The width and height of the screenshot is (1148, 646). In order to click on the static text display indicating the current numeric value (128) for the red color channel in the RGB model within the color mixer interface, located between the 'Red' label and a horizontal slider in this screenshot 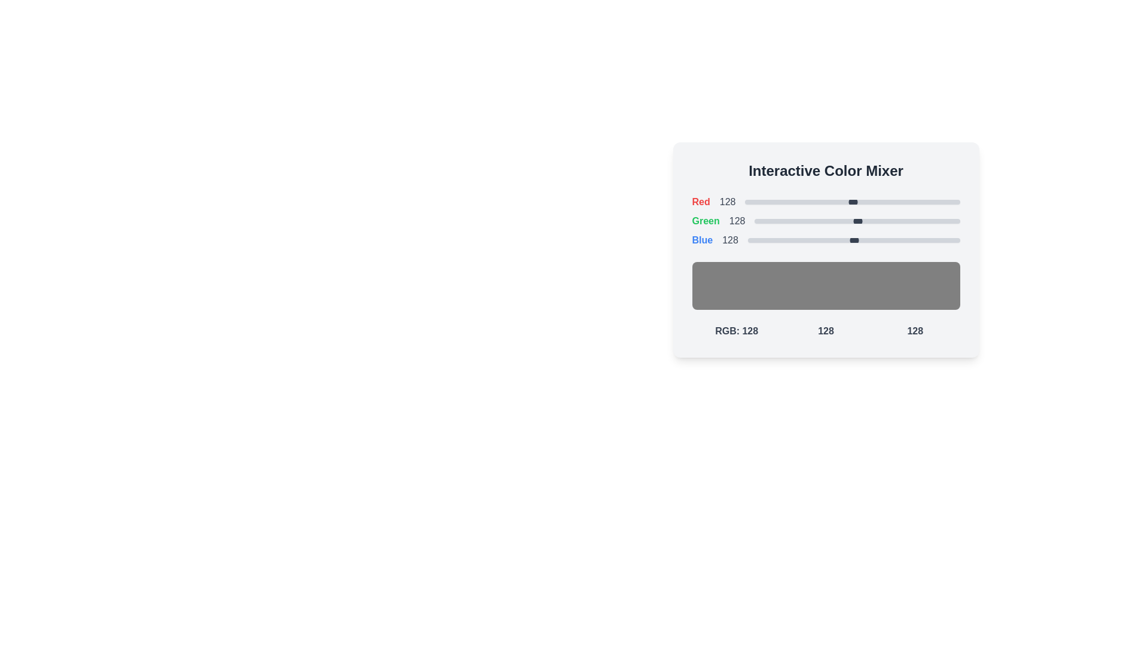, I will do `click(727, 202)`.